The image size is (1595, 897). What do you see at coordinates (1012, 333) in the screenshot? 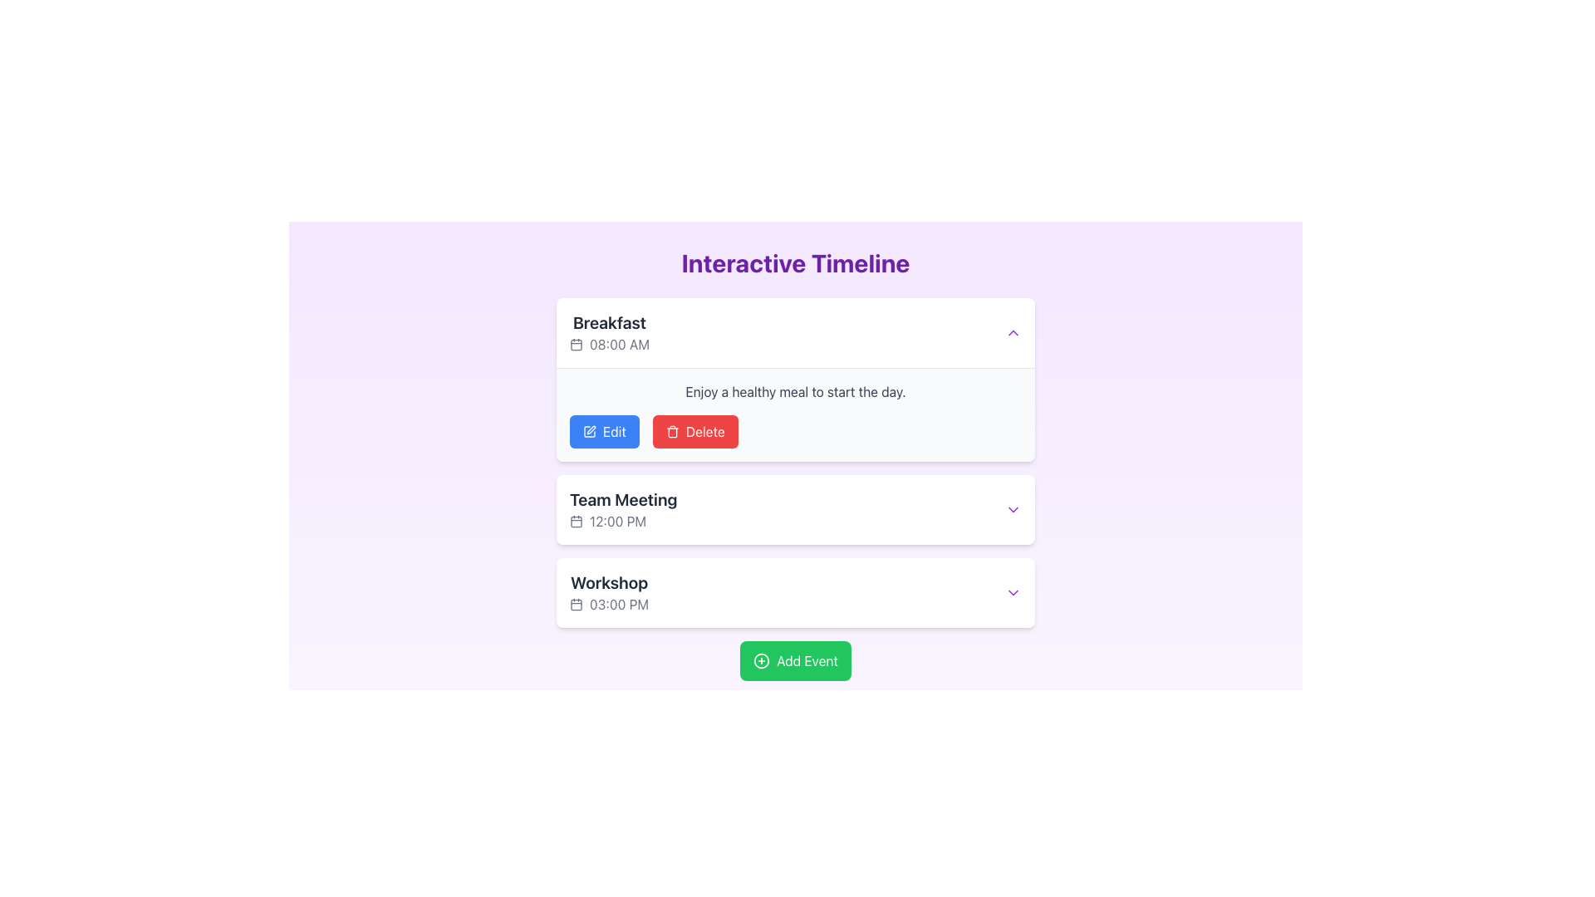
I see `the small purple upward-pointing arrow icon button located at the far-right side of the 'Breakfast' section` at bounding box center [1012, 333].